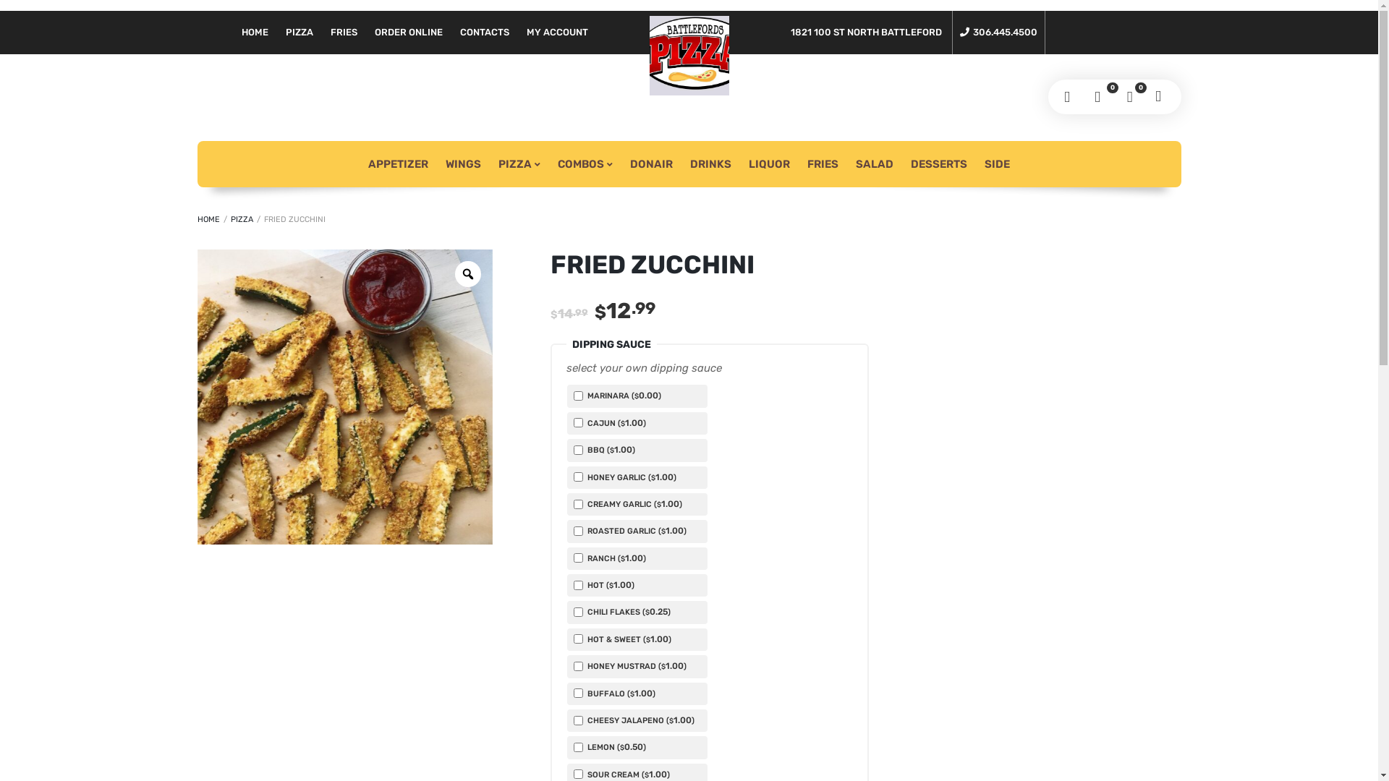  Describe the element at coordinates (342, 33) in the screenshot. I see `'FRIES'` at that location.